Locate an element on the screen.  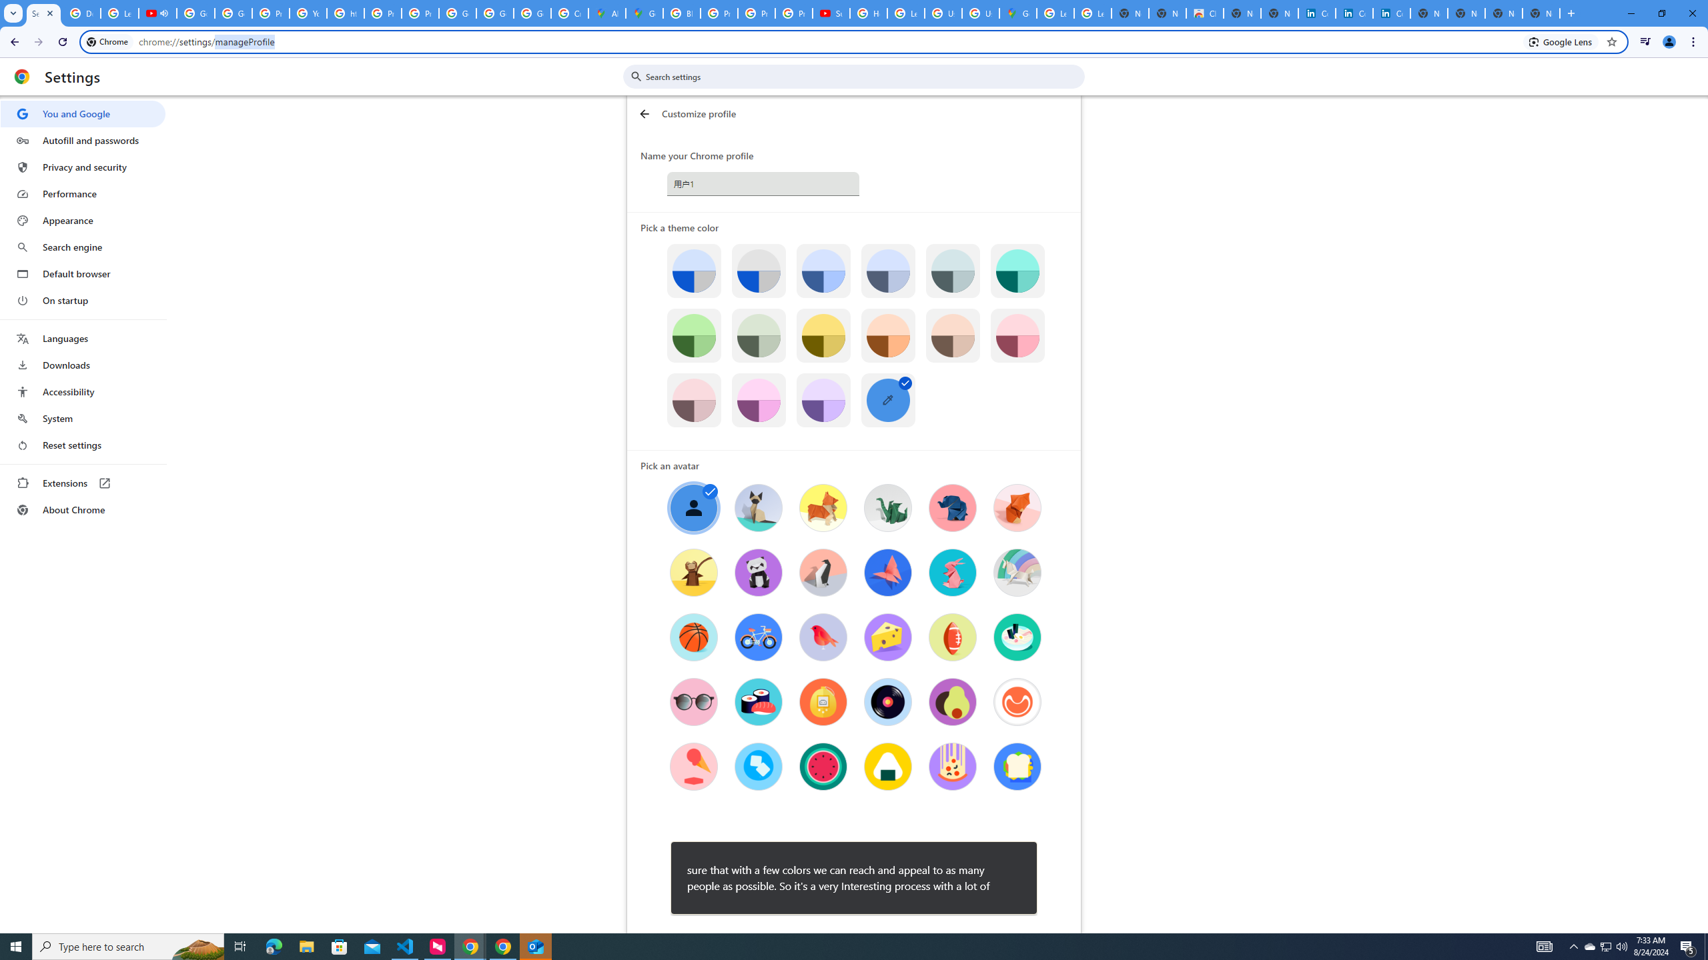
'Subscriptions - YouTube' is located at coordinates (830, 13).